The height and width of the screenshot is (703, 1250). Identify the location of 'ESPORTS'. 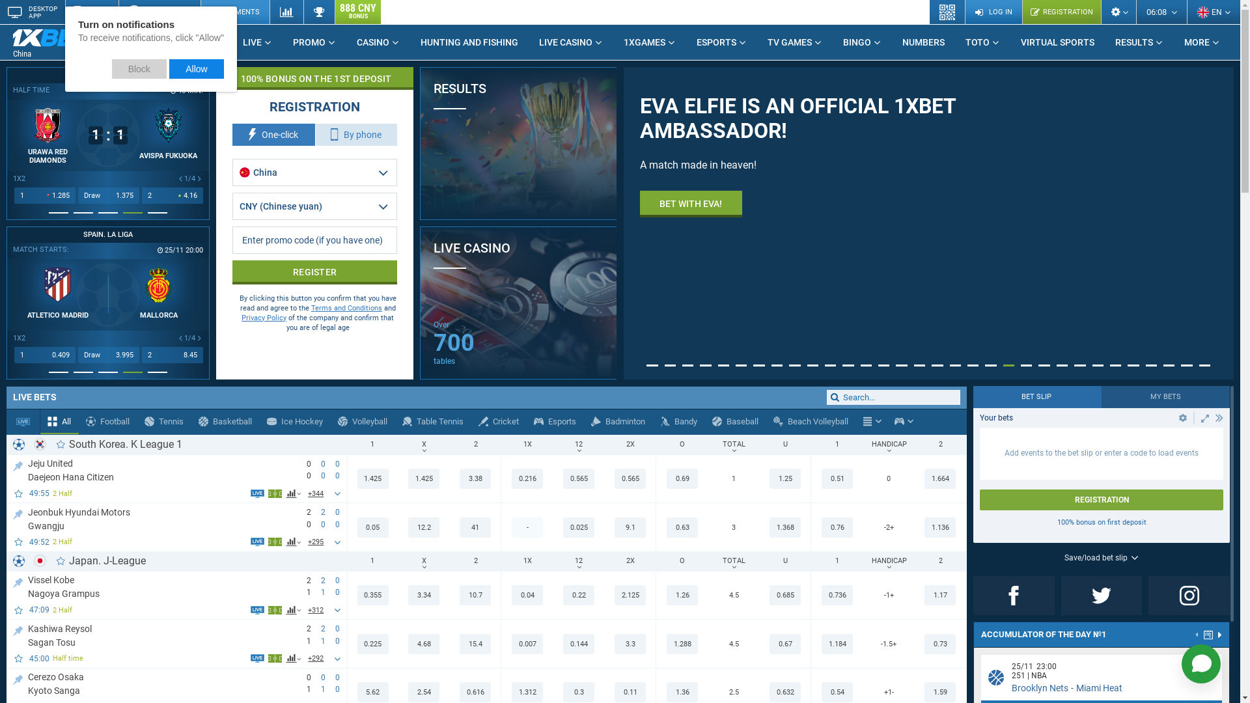
(686, 42).